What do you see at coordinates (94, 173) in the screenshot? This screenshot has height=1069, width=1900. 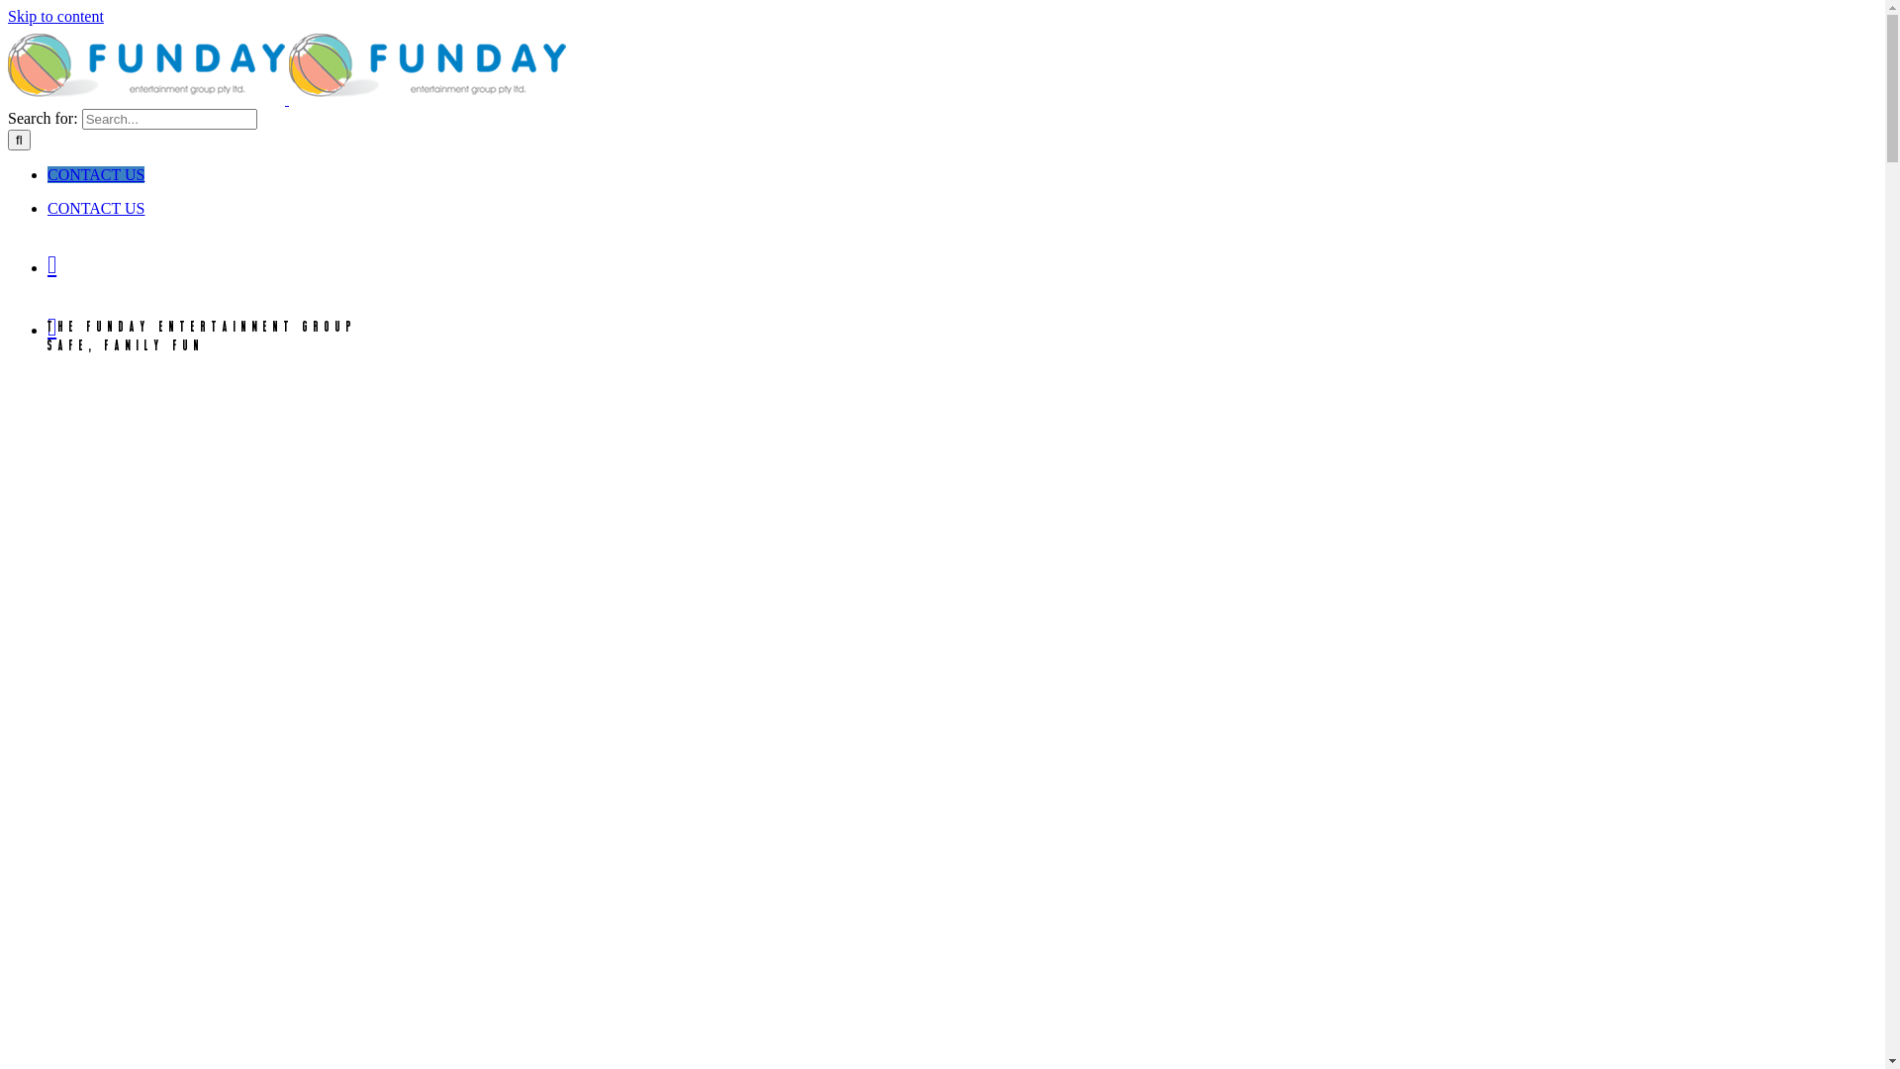 I see `'CONTACT US'` at bounding box center [94, 173].